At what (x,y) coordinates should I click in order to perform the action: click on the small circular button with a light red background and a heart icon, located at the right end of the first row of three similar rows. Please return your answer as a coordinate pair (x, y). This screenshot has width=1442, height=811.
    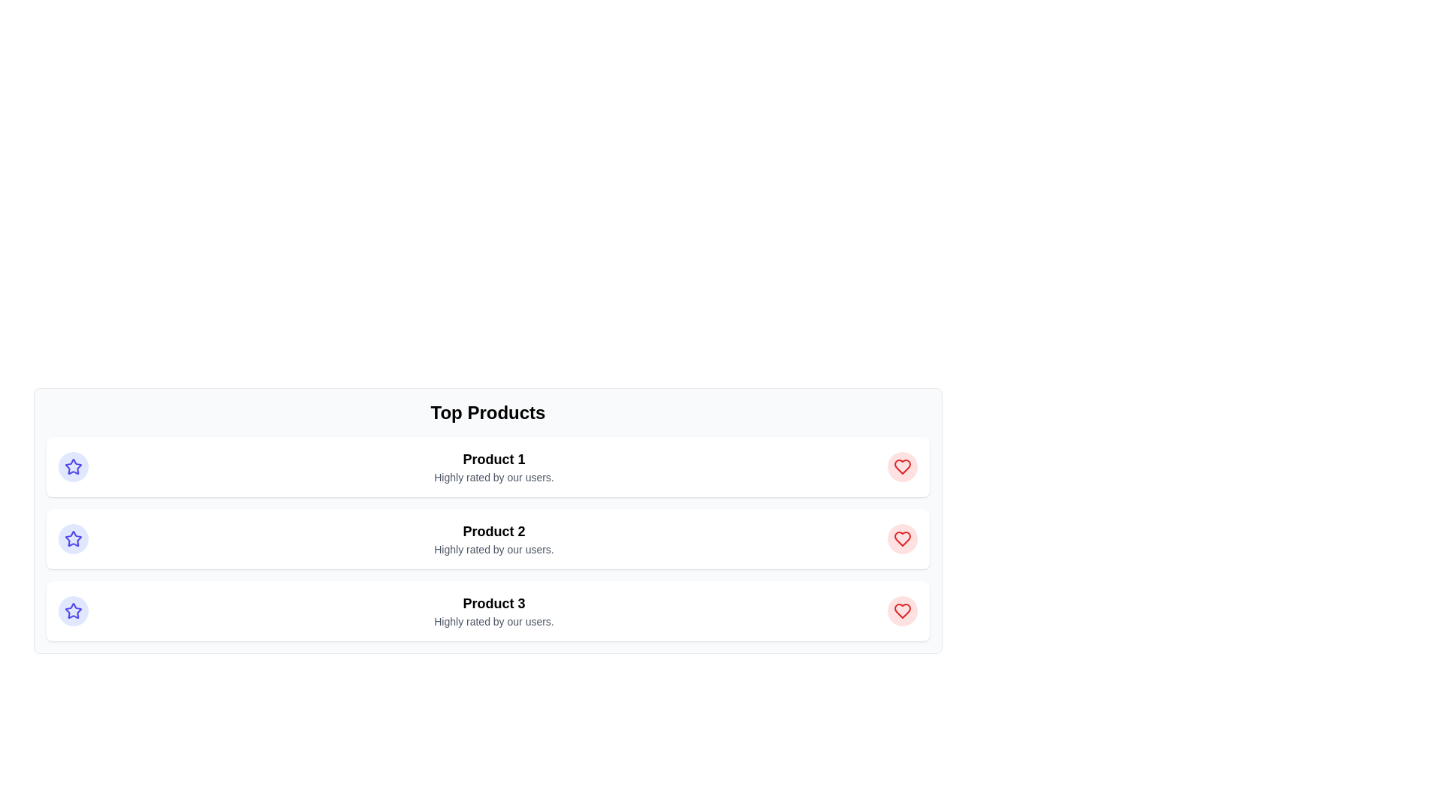
    Looking at the image, I should click on (901, 466).